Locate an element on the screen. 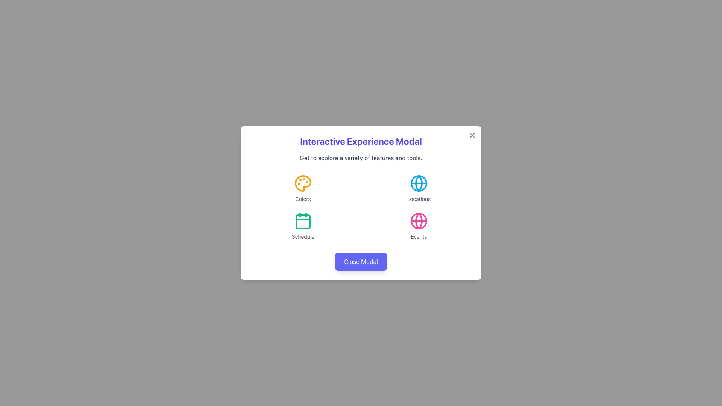  the contents of the calendar icon labeled 'Schedule', which is located in the second row, first column of the grid layout within the modal dialog is located at coordinates (303, 226).